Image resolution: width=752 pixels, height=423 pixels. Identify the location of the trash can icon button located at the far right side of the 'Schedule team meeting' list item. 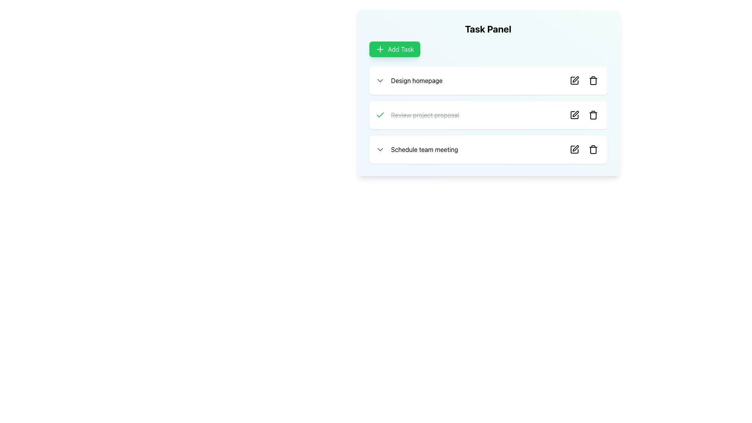
(593, 149).